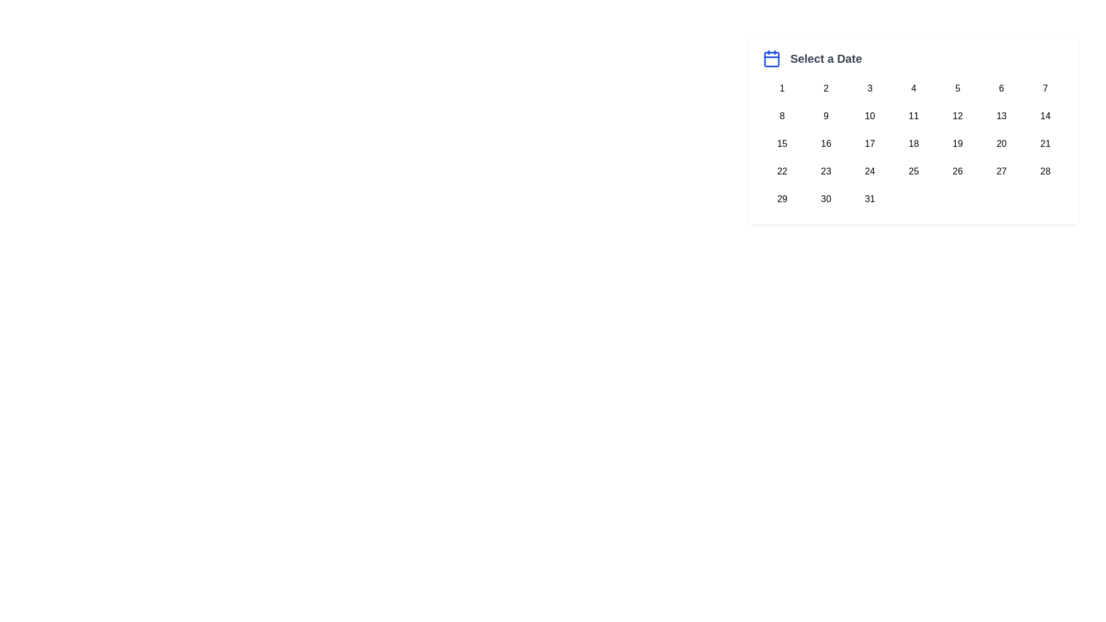 This screenshot has height=622, width=1106. What do you see at coordinates (782, 171) in the screenshot?
I see `the square button labeled '22' in the calendar grid` at bounding box center [782, 171].